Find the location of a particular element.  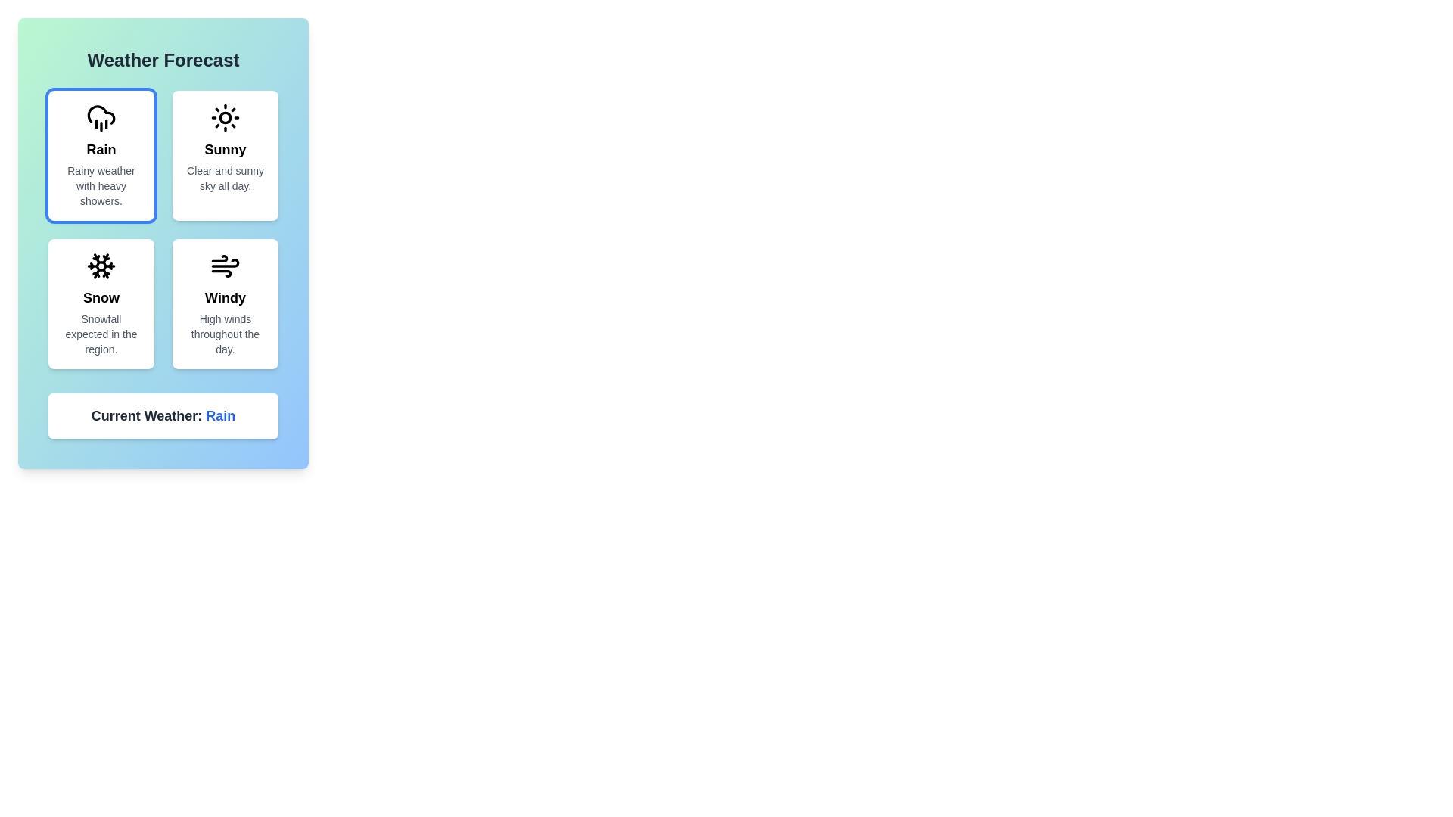

the interactive card representing snowfall, located in the second row and first column of a grid of four cards, to interact or select it is located at coordinates (101, 303).